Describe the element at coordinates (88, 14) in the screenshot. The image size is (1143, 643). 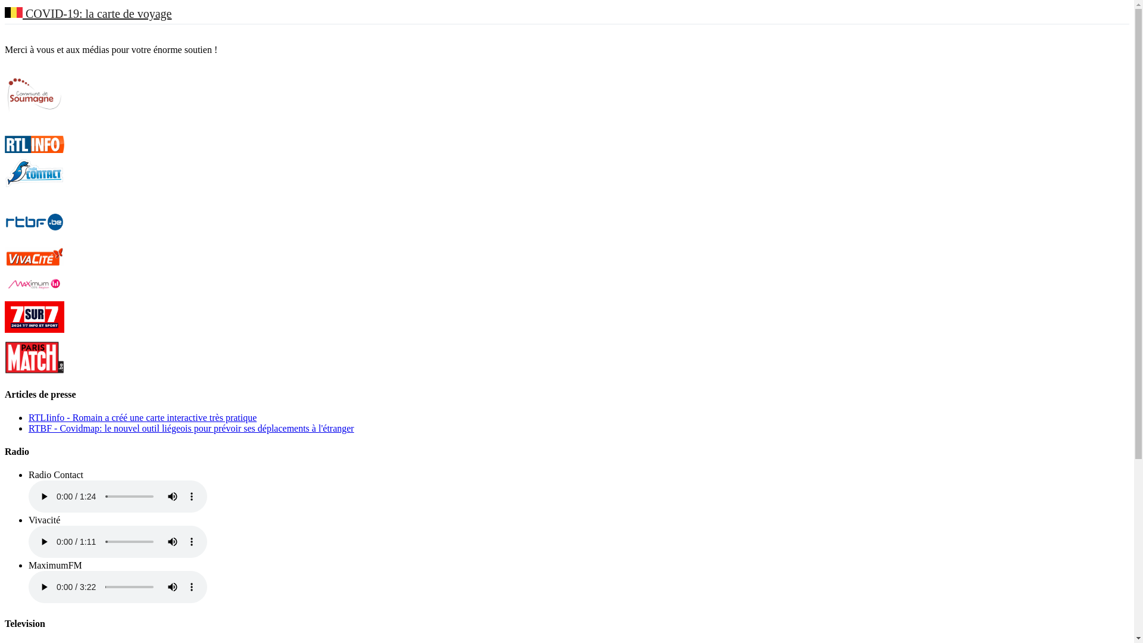
I see `'COVID-19: la carte de voyage'` at that location.